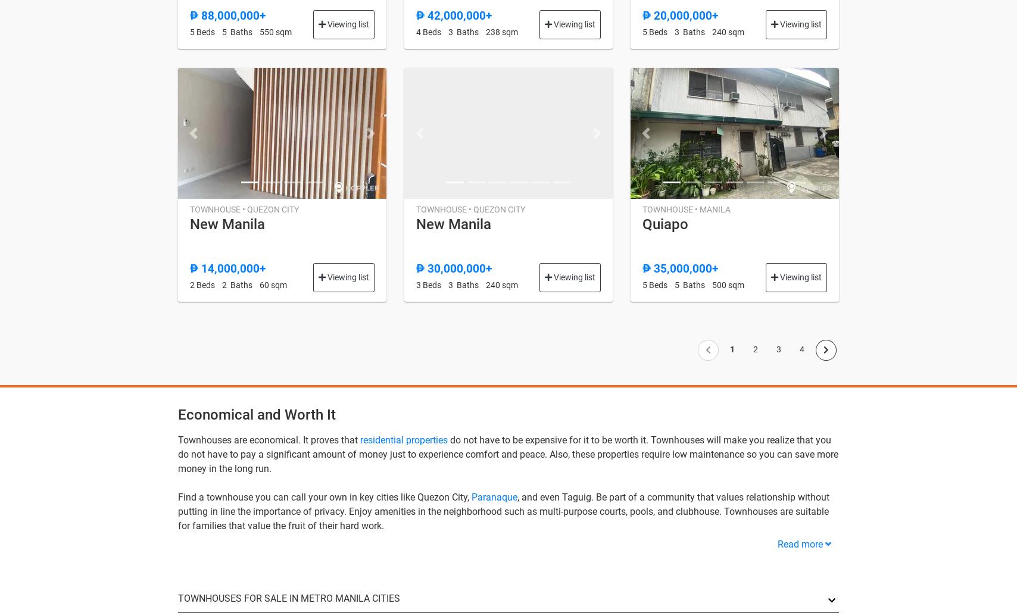 The height and width of the screenshot is (616, 1017). I want to click on 'TOWNHOUSES FOR SALE IN METRO MANILA CITIES', so click(288, 598).